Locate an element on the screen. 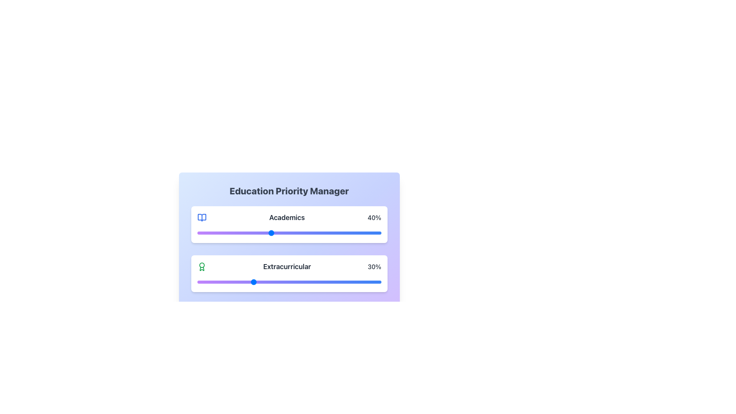 The height and width of the screenshot is (414, 736). the slider is located at coordinates (208, 282).